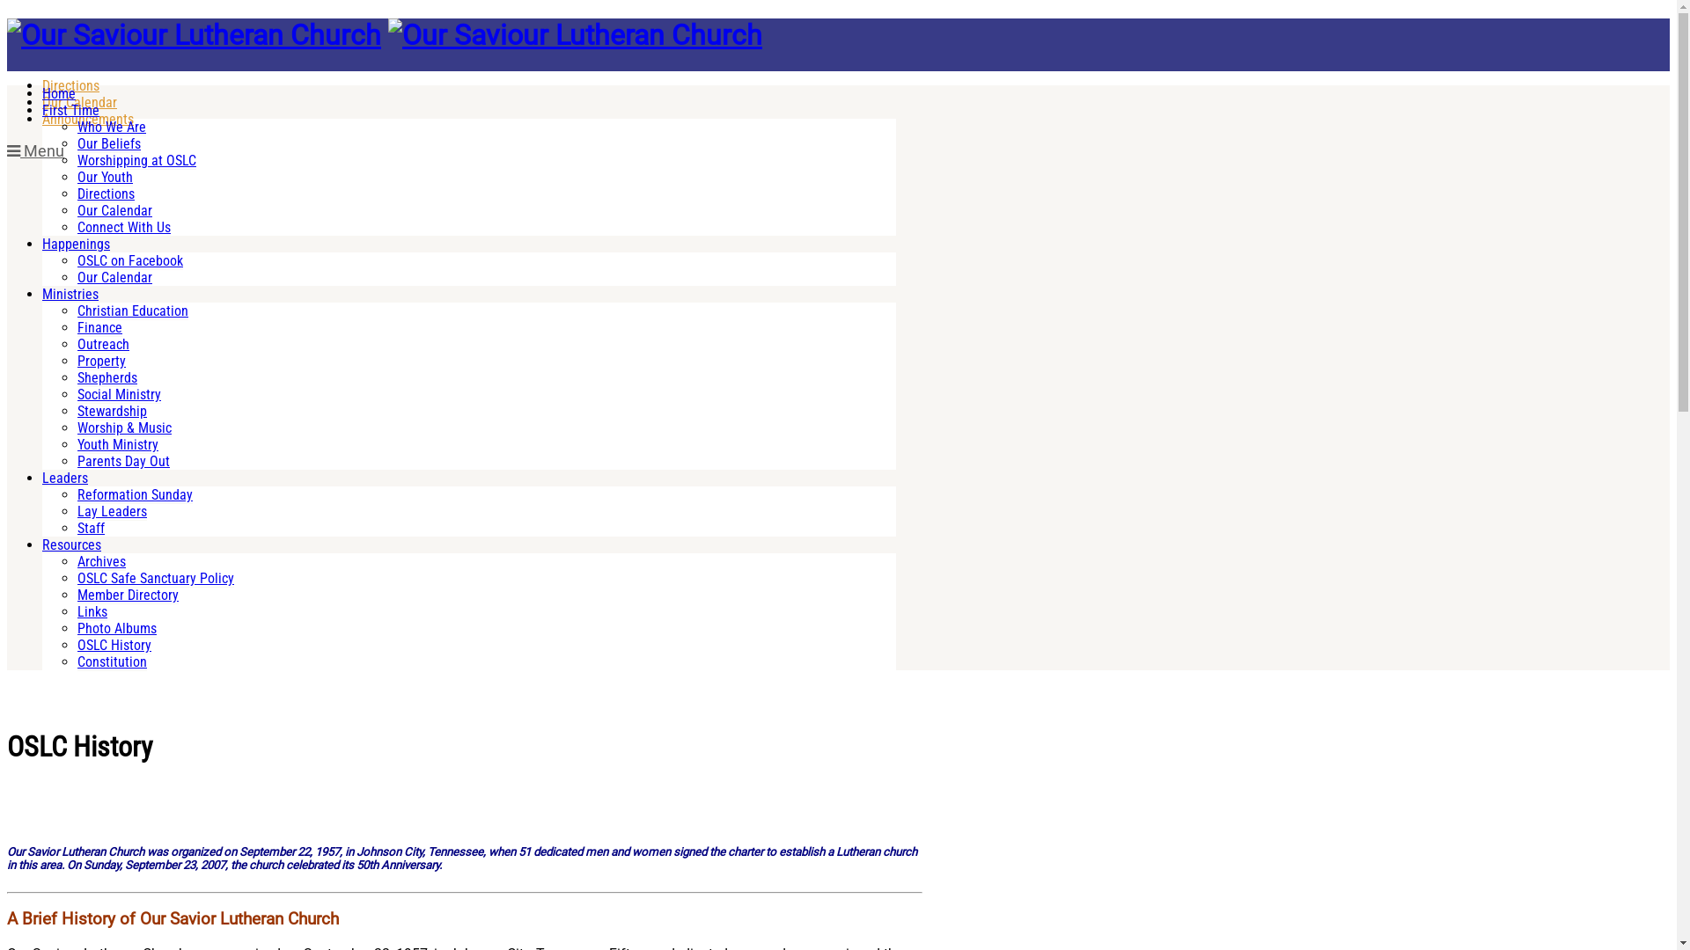  What do you see at coordinates (123, 427) in the screenshot?
I see `'Worship & Music'` at bounding box center [123, 427].